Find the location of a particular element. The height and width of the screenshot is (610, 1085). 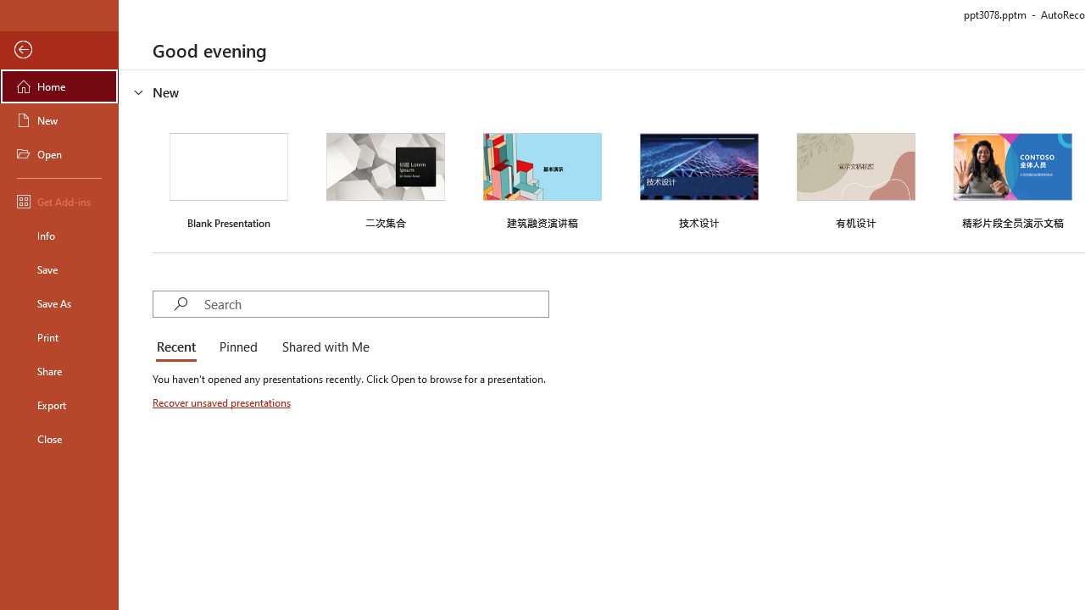

'Print' is located at coordinates (58, 337).